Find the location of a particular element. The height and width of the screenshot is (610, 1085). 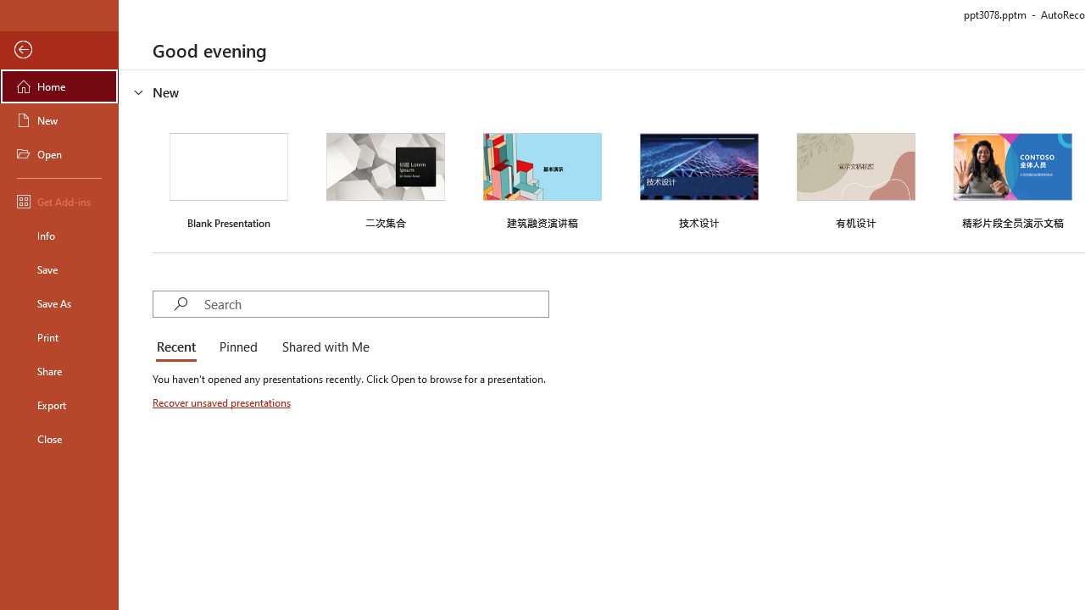

'Print' is located at coordinates (58, 337).